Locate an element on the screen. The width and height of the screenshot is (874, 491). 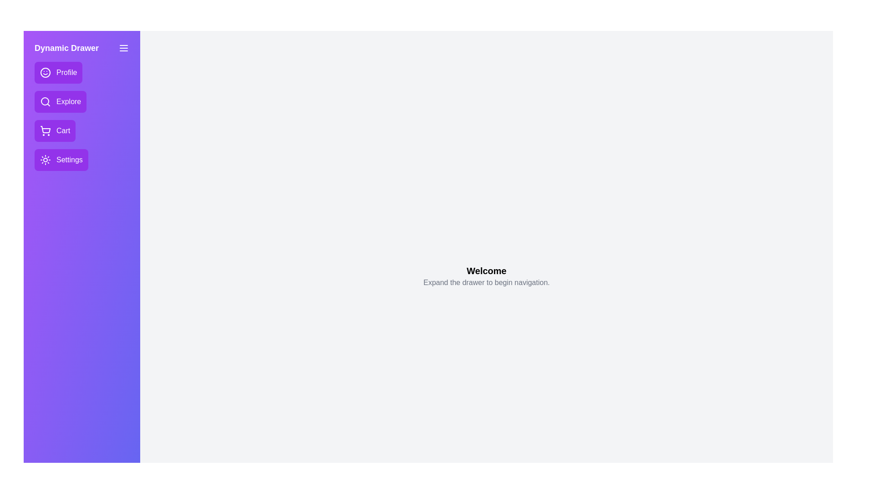
menu button to toggle the drawer is located at coordinates (123, 48).